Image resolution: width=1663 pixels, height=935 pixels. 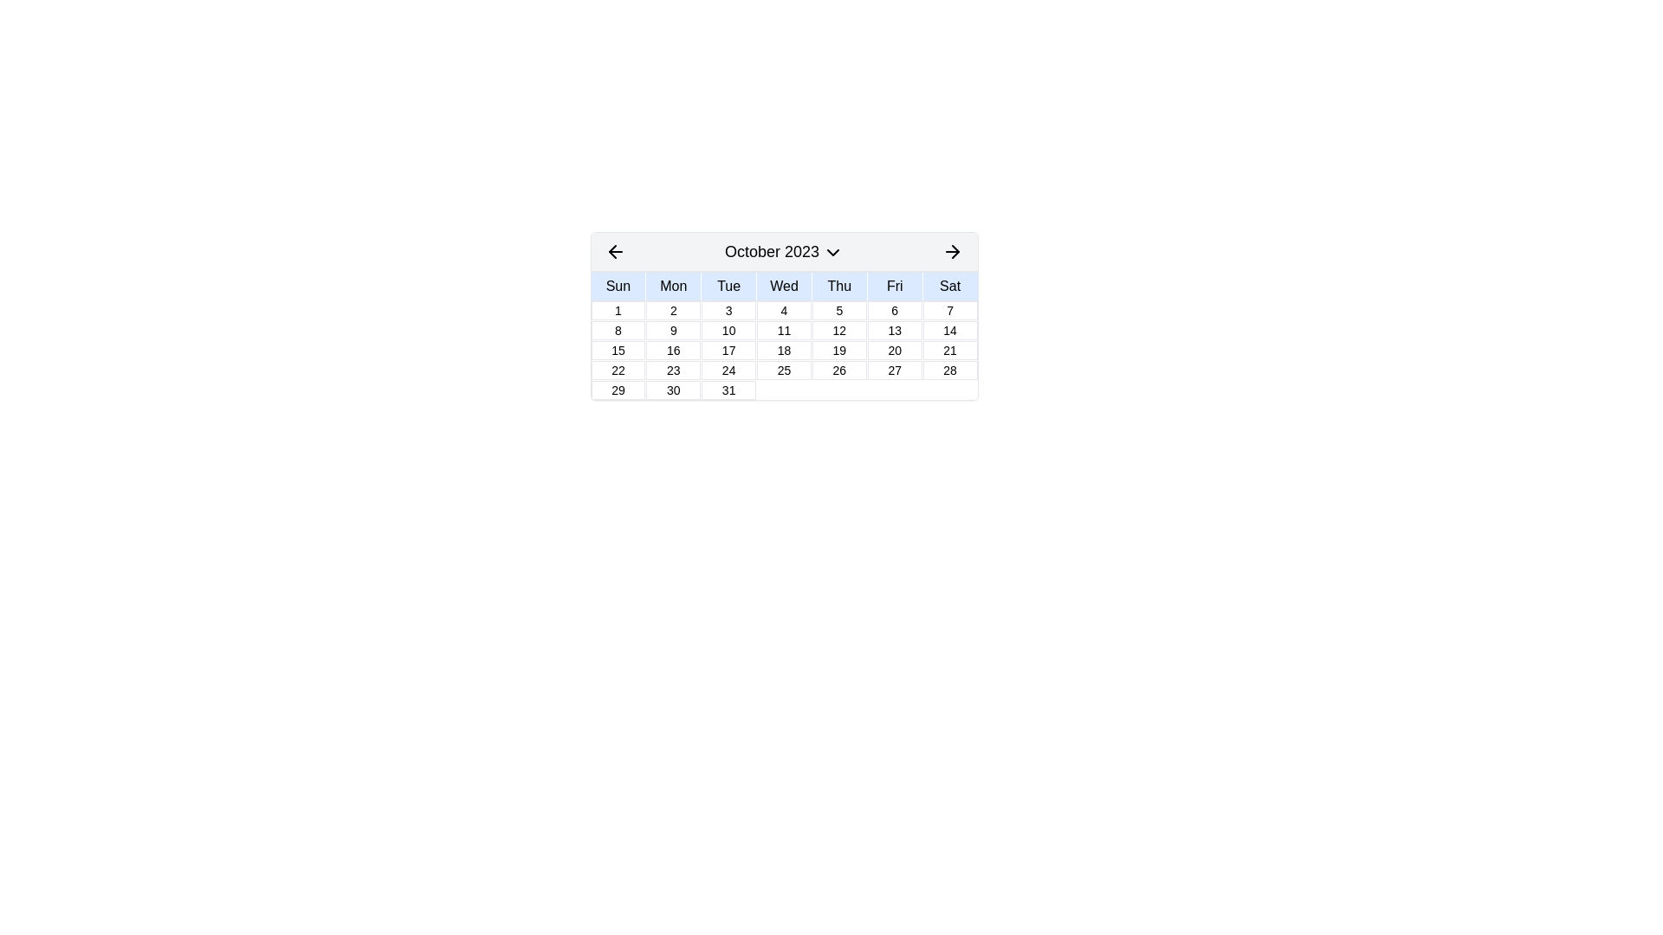 I want to click on the text component displaying the number '24', so click(x=728, y=370).